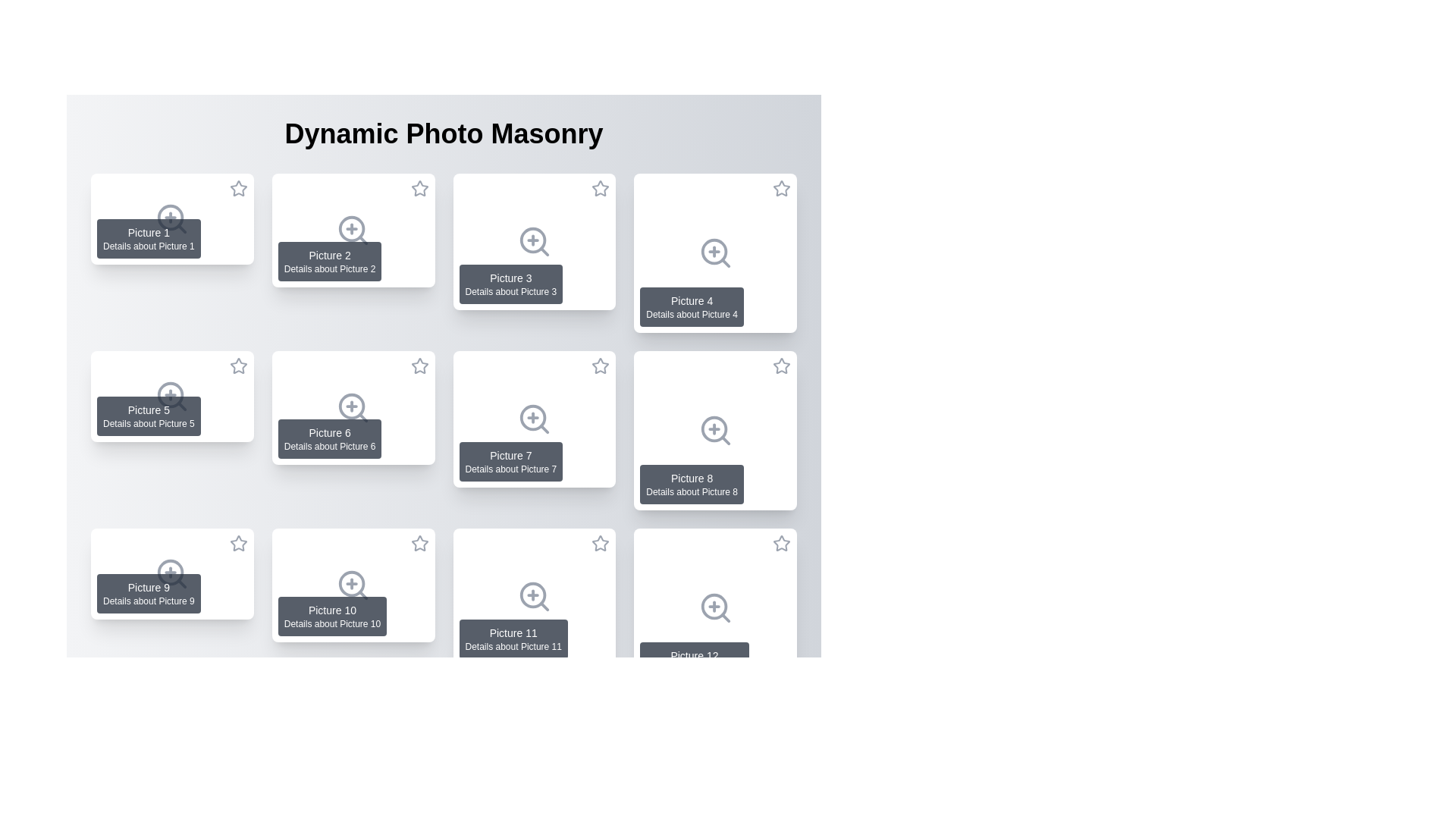 Image resolution: width=1456 pixels, height=819 pixels. What do you see at coordinates (714, 607) in the screenshot?
I see `the magnifying glass icon button with a plus sign at its center, located in the grid cell for 'Picture 12'` at bounding box center [714, 607].